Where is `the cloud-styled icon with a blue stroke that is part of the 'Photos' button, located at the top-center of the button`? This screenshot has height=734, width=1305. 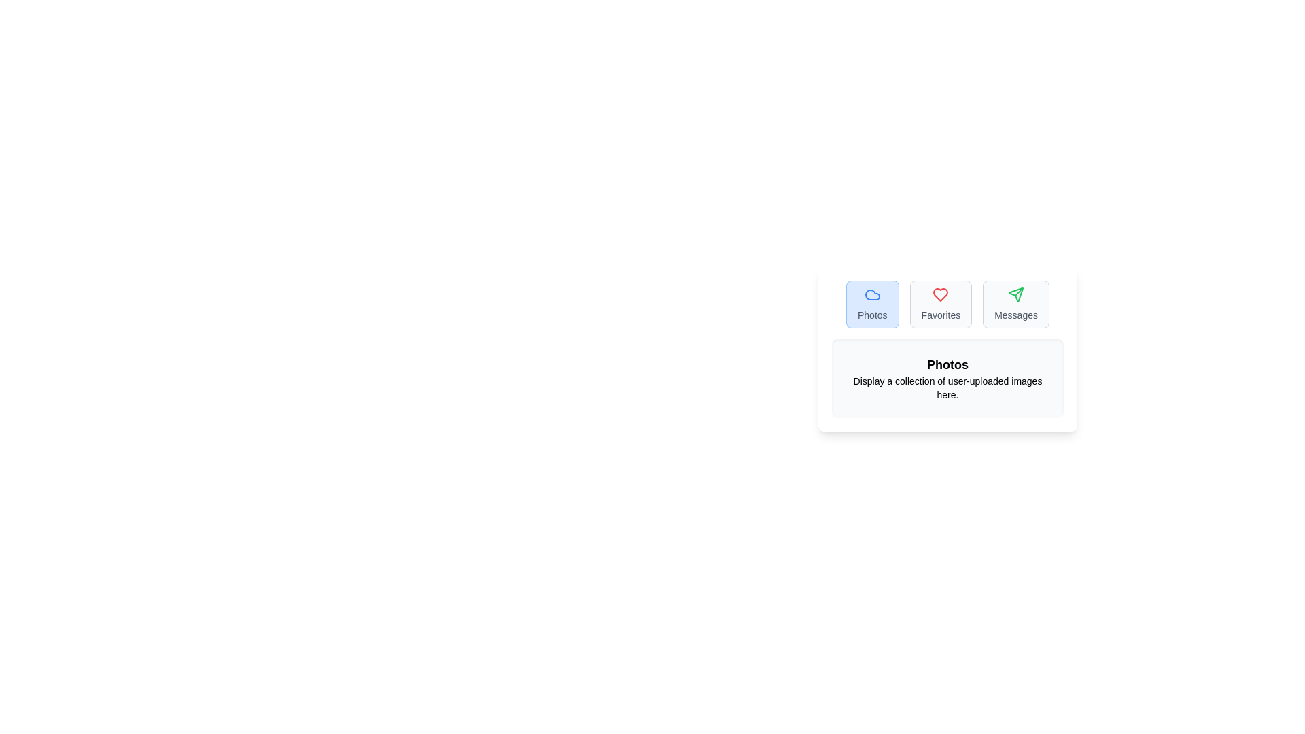 the cloud-styled icon with a blue stroke that is part of the 'Photos' button, located at the top-center of the button is located at coordinates (872, 294).